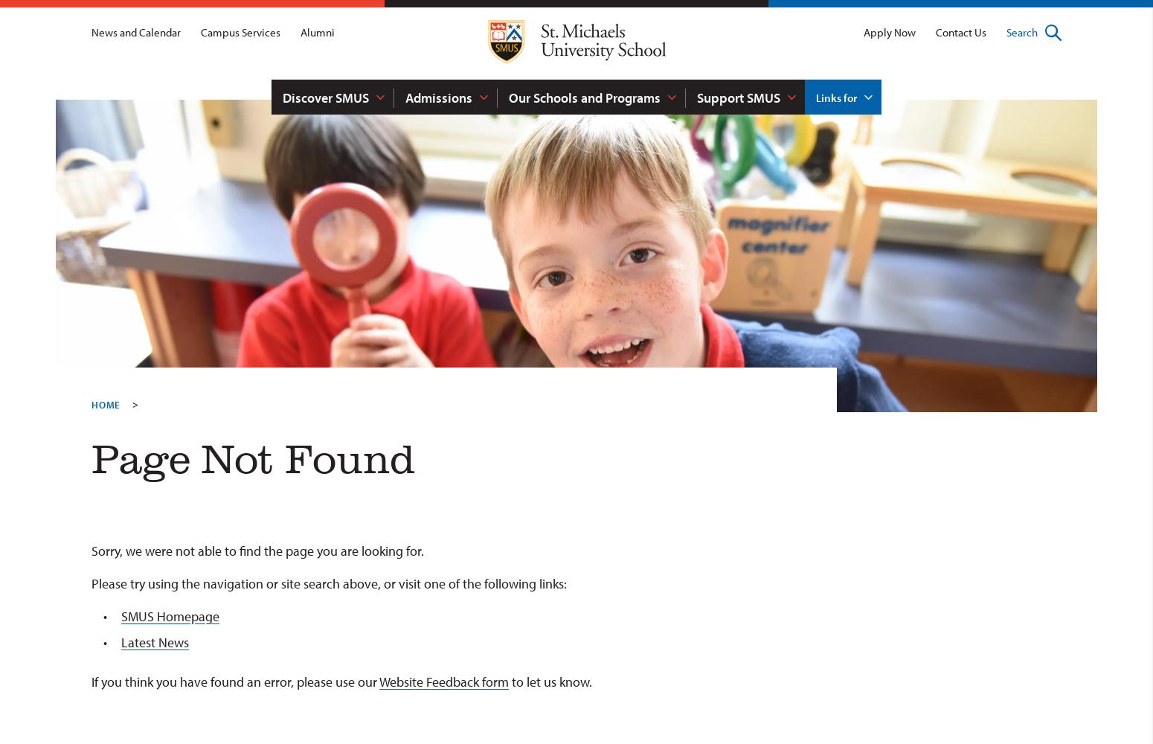 The height and width of the screenshot is (744, 1153). What do you see at coordinates (153, 641) in the screenshot?
I see `'Latest News'` at bounding box center [153, 641].